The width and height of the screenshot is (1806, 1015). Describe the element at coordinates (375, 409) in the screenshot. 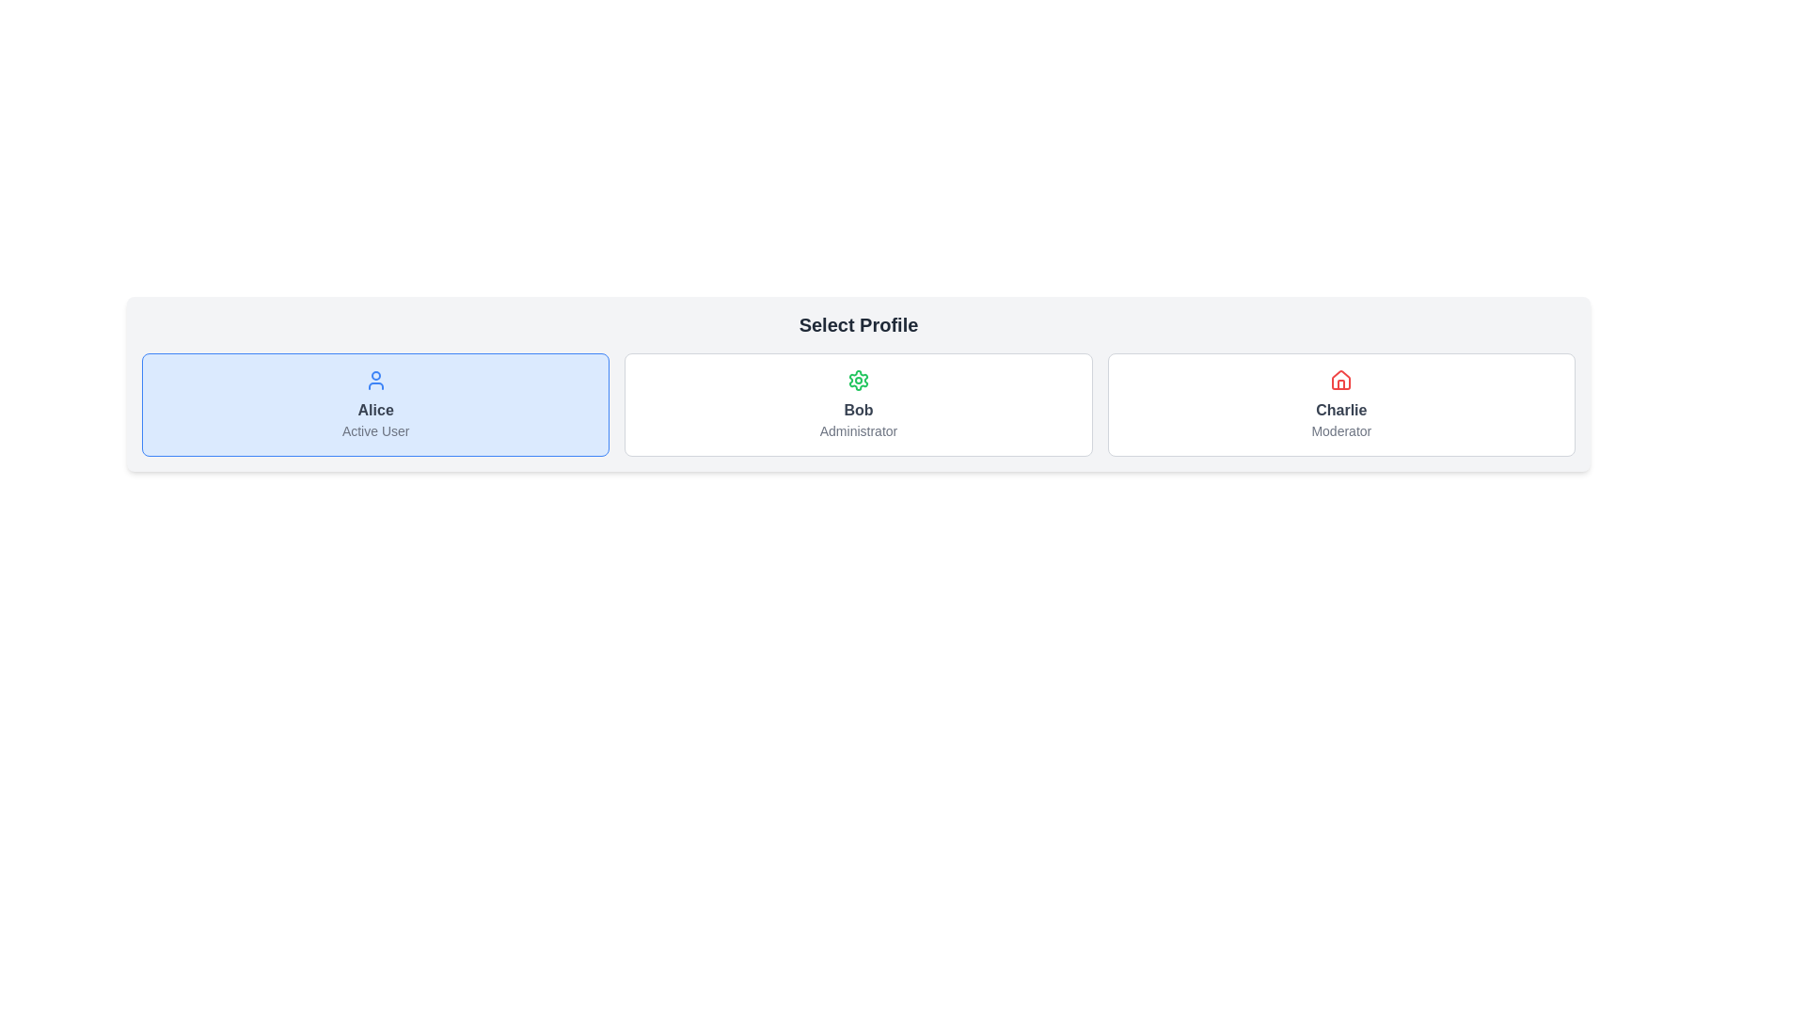

I see `the text label displaying 'Alice' in bold gray font, located centrally within the first profile card, positioned above 'Active User'` at that location.